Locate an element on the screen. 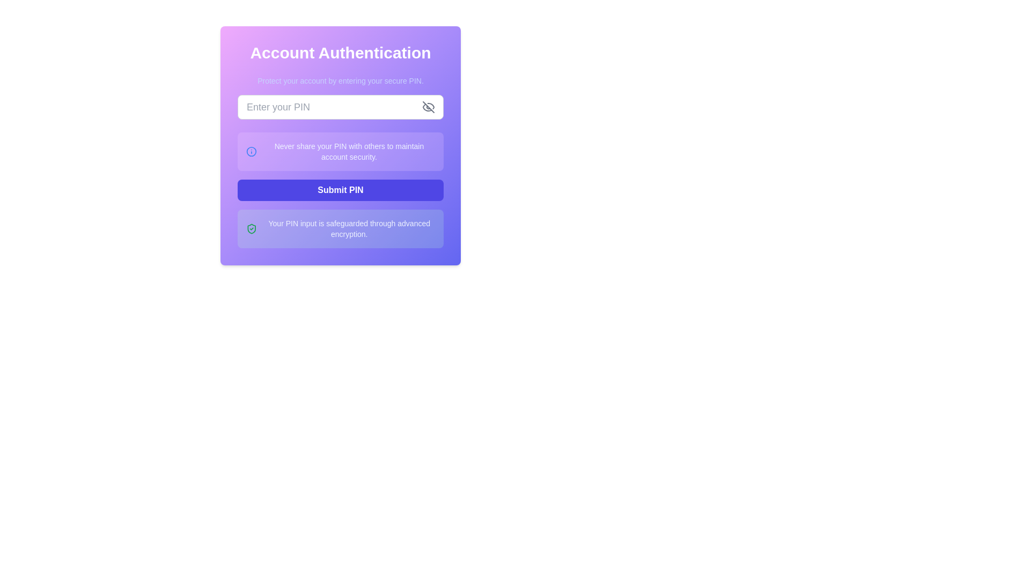  the circular icon element with a blue border and red fill that is part of the warning message about sharing your PIN is located at coordinates (251, 151).